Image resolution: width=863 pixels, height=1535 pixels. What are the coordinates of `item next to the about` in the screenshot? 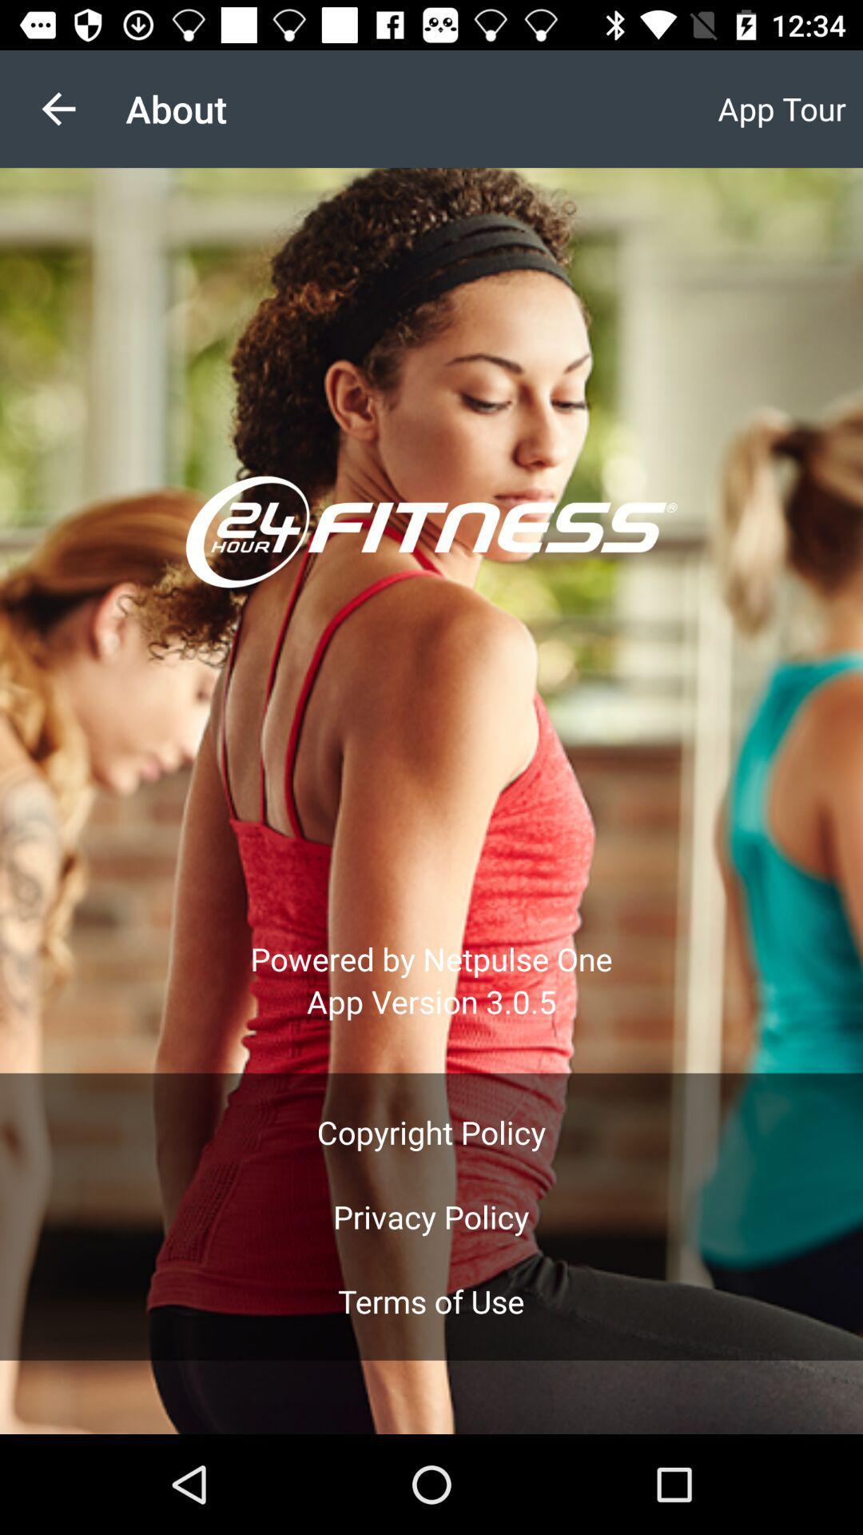 It's located at (781, 108).